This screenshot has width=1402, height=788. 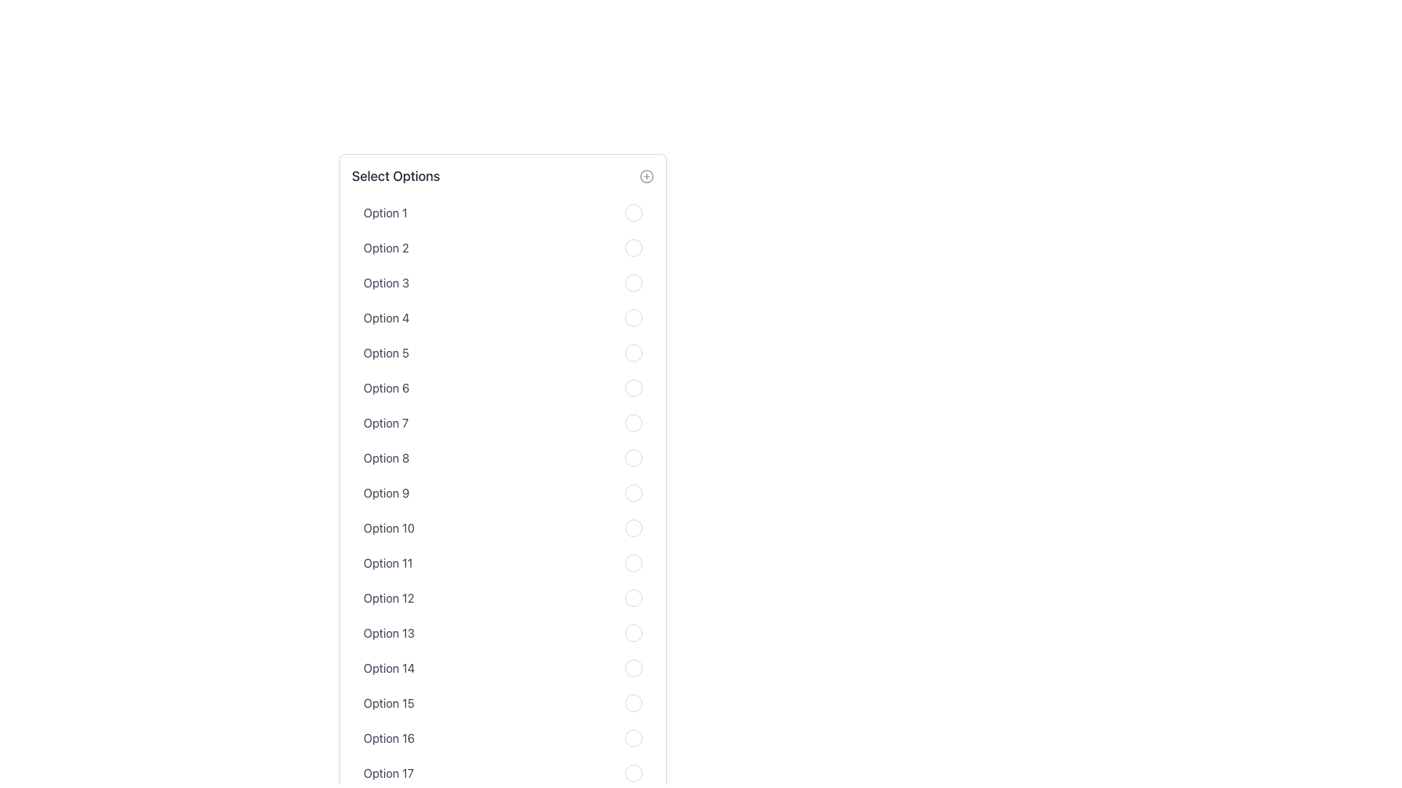 I want to click on the label 'Option 3', which is the third item in a vertical list of options styled in gray color, so click(x=386, y=283).